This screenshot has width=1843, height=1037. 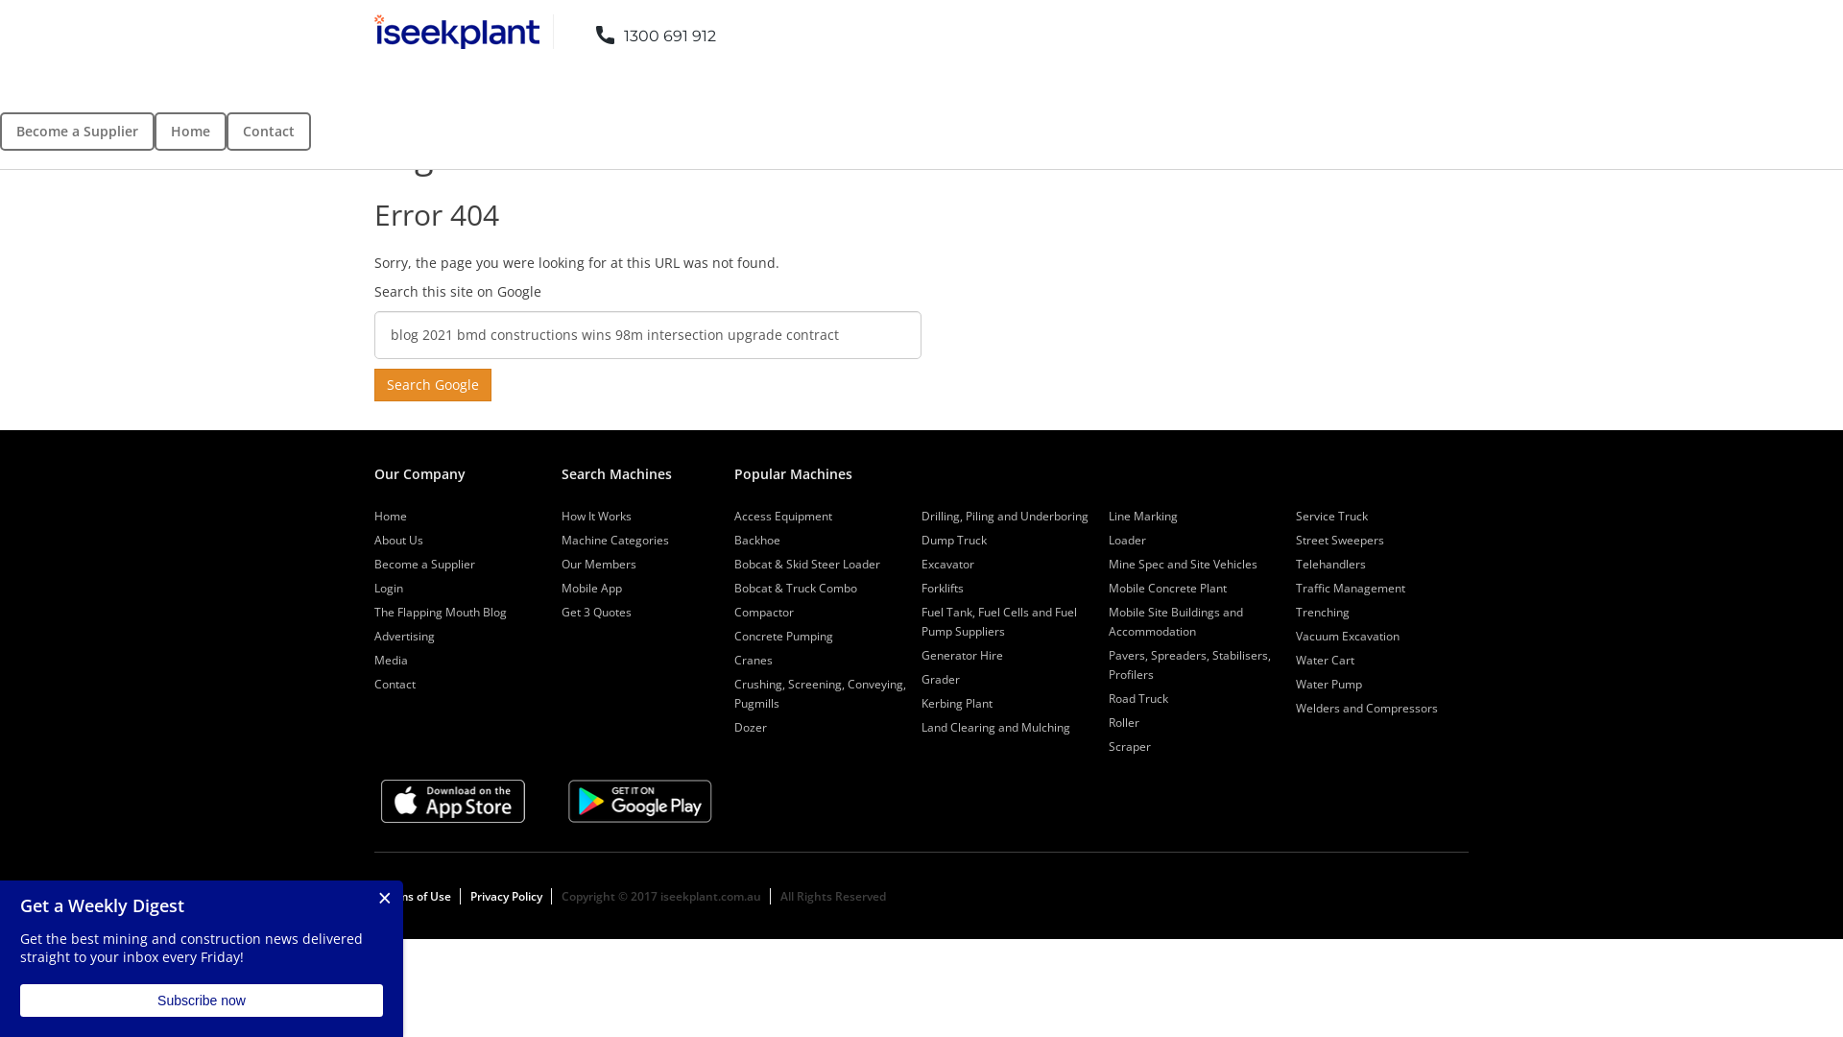 What do you see at coordinates (1109, 563) in the screenshot?
I see `'Mine Spec and Site Vehicles'` at bounding box center [1109, 563].